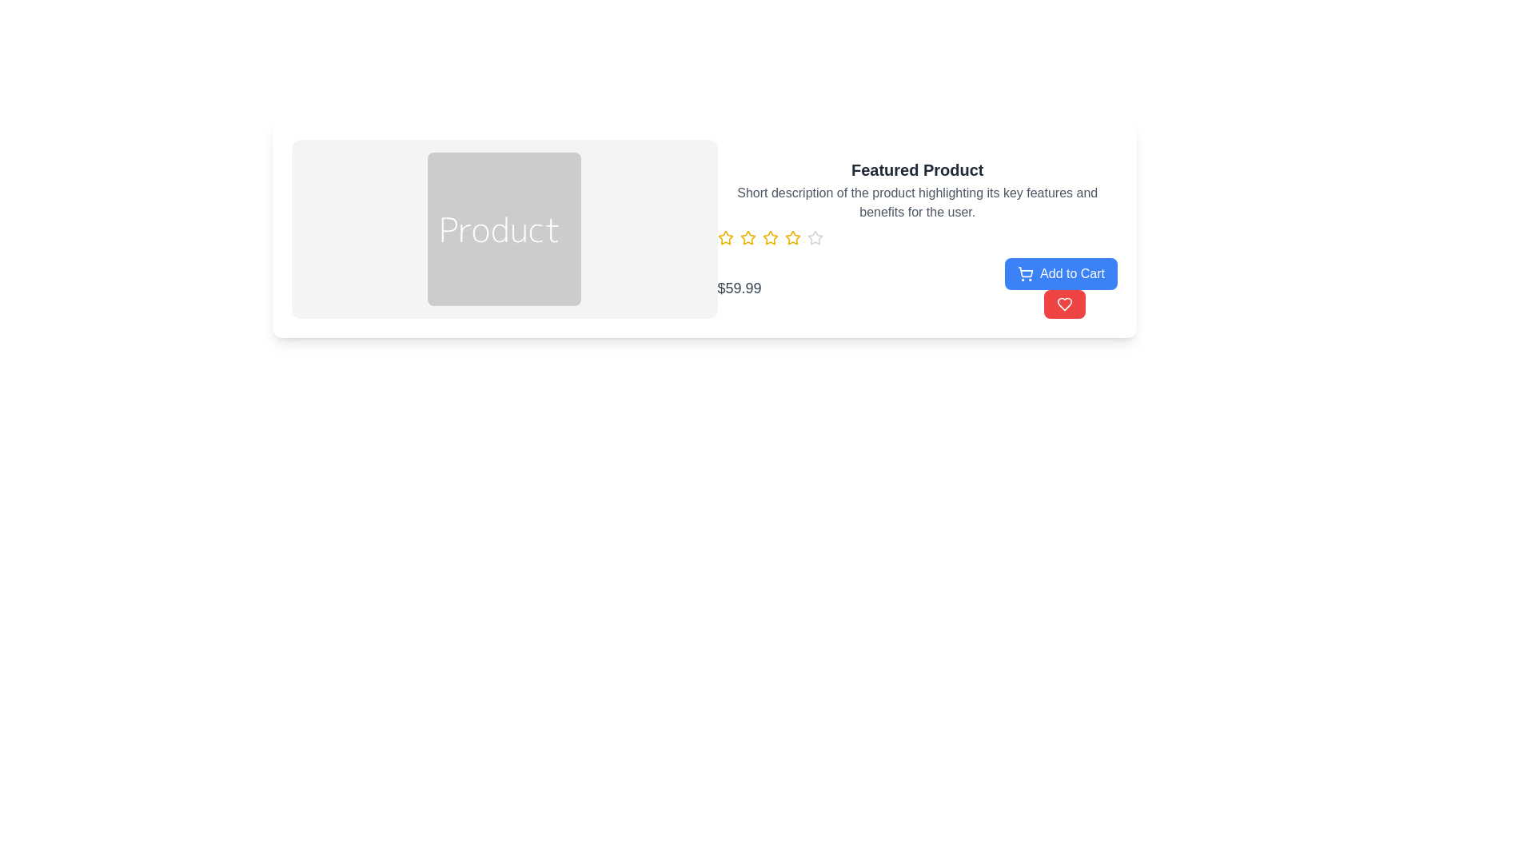  What do you see at coordinates (770, 238) in the screenshot?
I see `the fourth star icon in the rating system to adjust or view the rating` at bounding box center [770, 238].